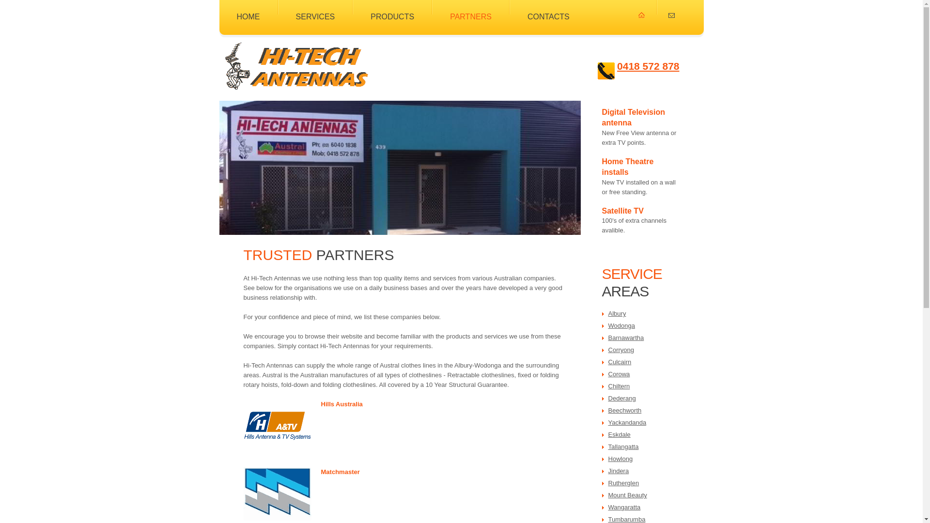 The height and width of the screenshot is (523, 930). Describe the element at coordinates (248, 11) in the screenshot. I see `'HOME'` at that location.